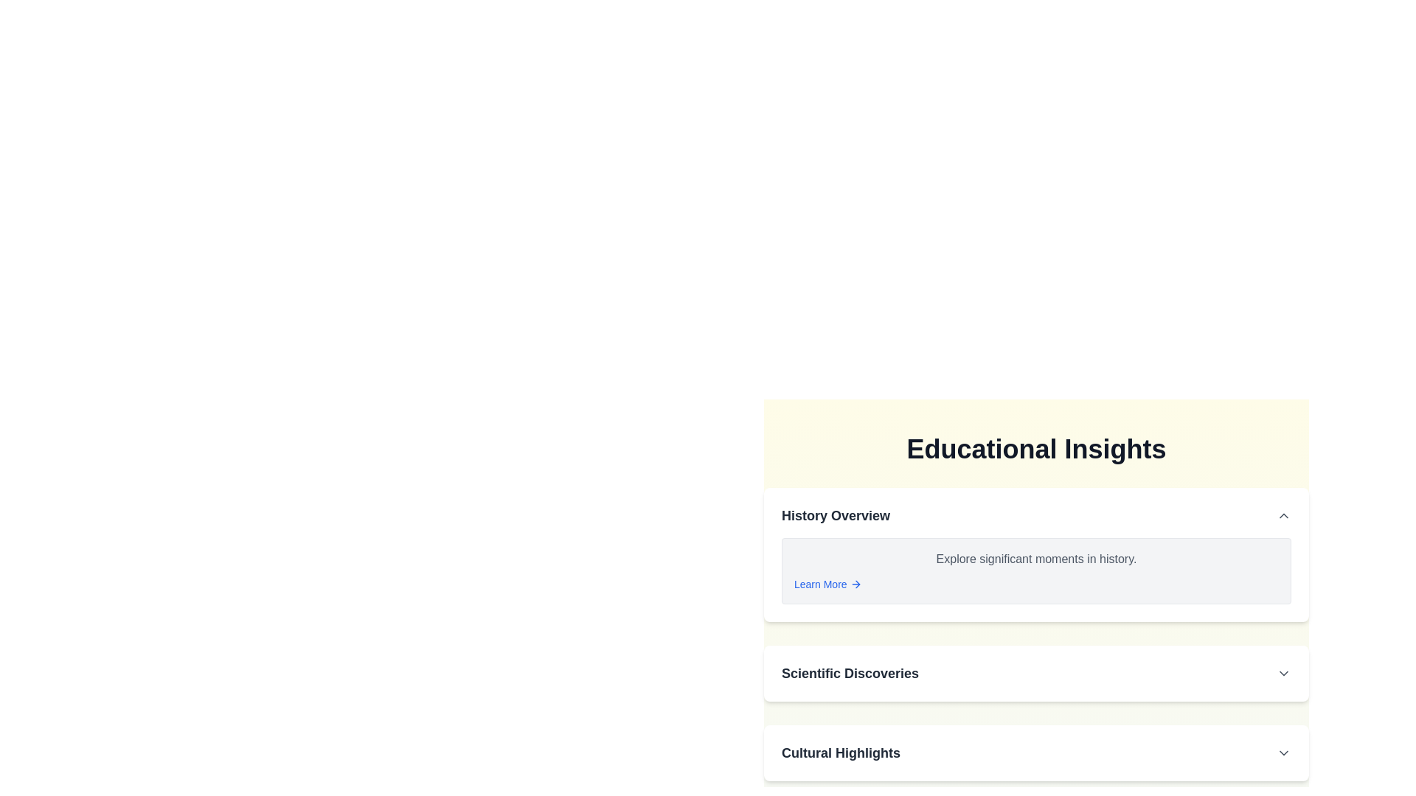 The width and height of the screenshot is (1416, 796). Describe the element at coordinates (855, 584) in the screenshot. I see `the SVG-based icon located to the right of the 'Learn More' text` at that location.